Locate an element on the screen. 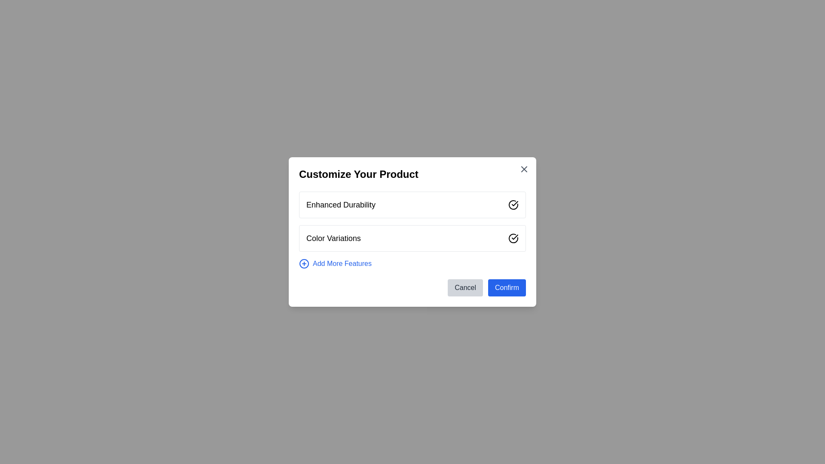 The width and height of the screenshot is (825, 464). the 'Add More Features' button with the blue circular plus icon for keyboard navigation is located at coordinates (335, 263).